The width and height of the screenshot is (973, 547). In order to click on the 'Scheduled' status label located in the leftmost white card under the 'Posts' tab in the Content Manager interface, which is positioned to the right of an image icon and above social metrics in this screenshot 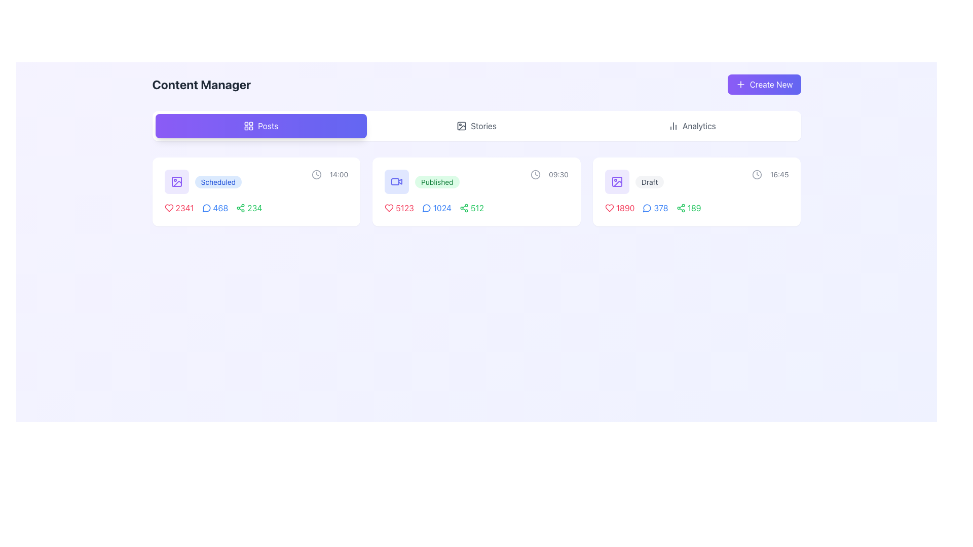, I will do `click(203, 181)`.